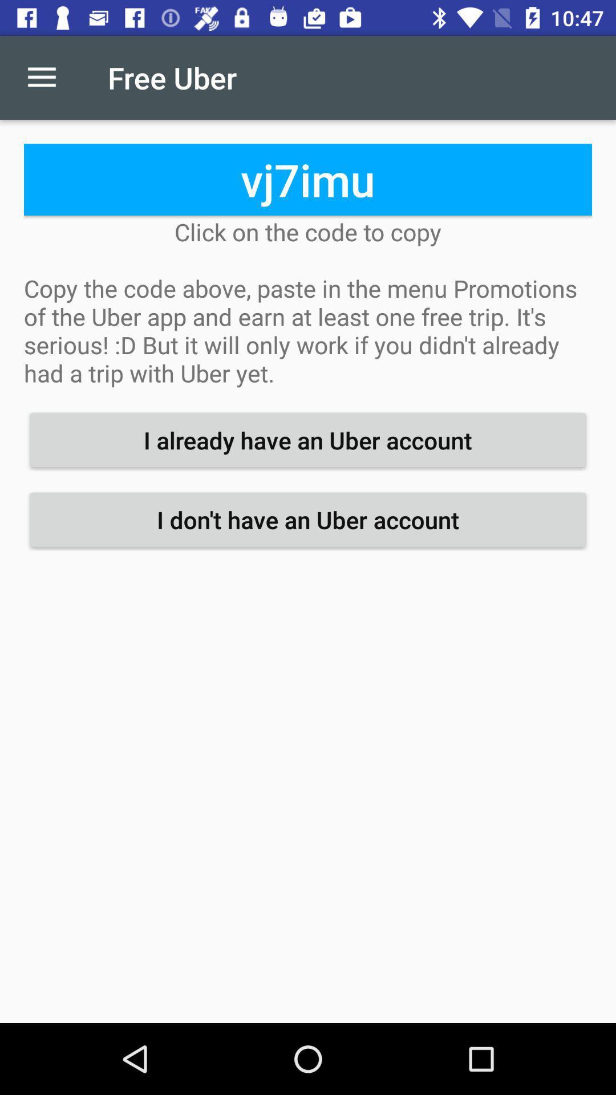 This screenshot has width=616, height=1095. I want to click on the item above click on the icon, so click(308, 179).